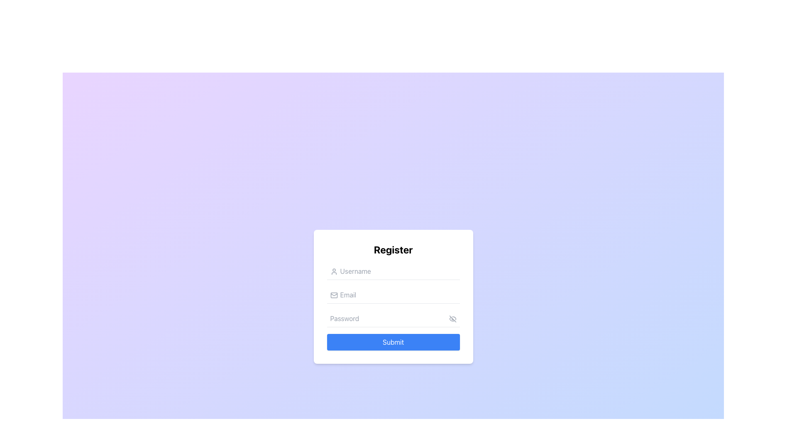 This screenshot has height=448, width=797. Describe the element at coordinates (393, 318) in the screenshot. I see `the password input field located within the registration form, characterized by a placeholder saying 'Password', to type in a password` at that location.